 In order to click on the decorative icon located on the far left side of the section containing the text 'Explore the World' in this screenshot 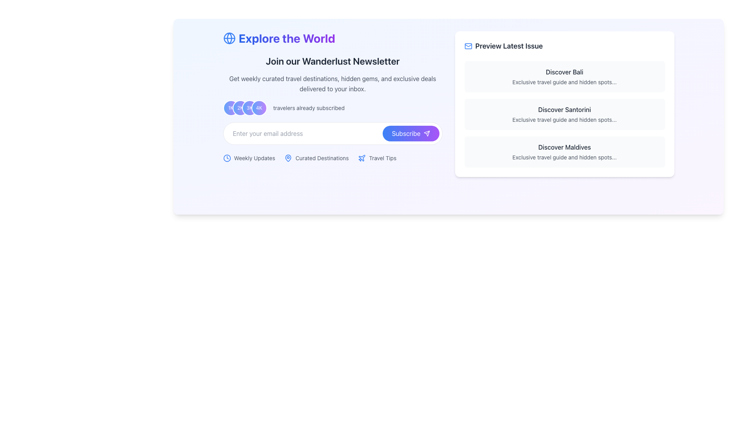, I will do `click(229, 38)`.